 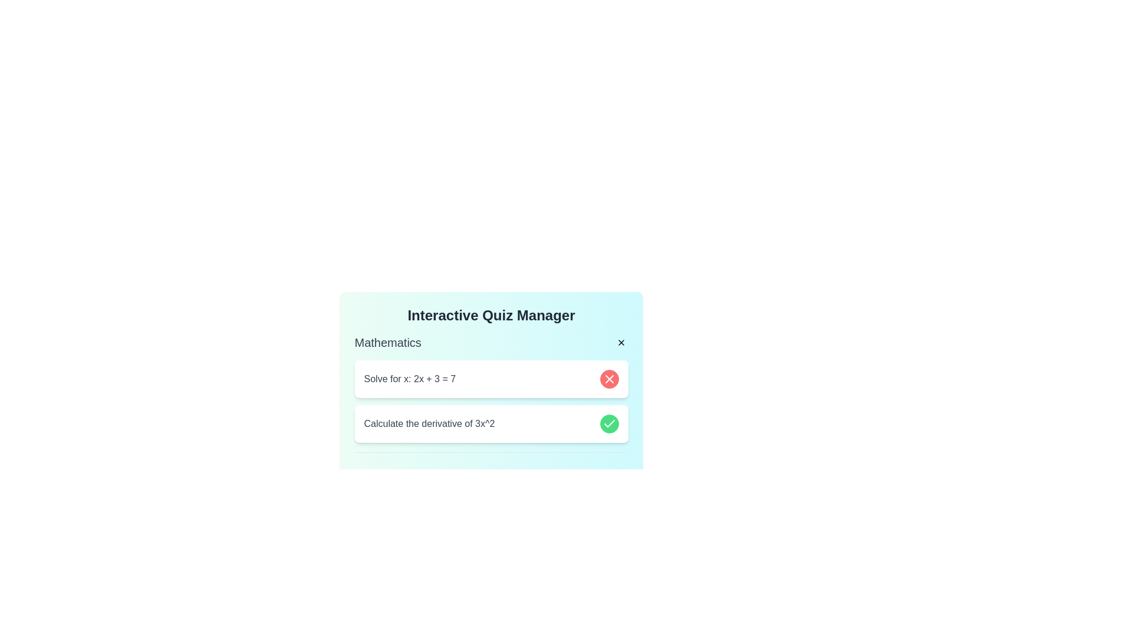 What do you see at coordinates (609, 424) in the screenshot?
I see `the checkmark icon, which is white and located within a green circular button, to confirm the action in the Interactive Quiz Manager section` at bounding box center [609, 424].